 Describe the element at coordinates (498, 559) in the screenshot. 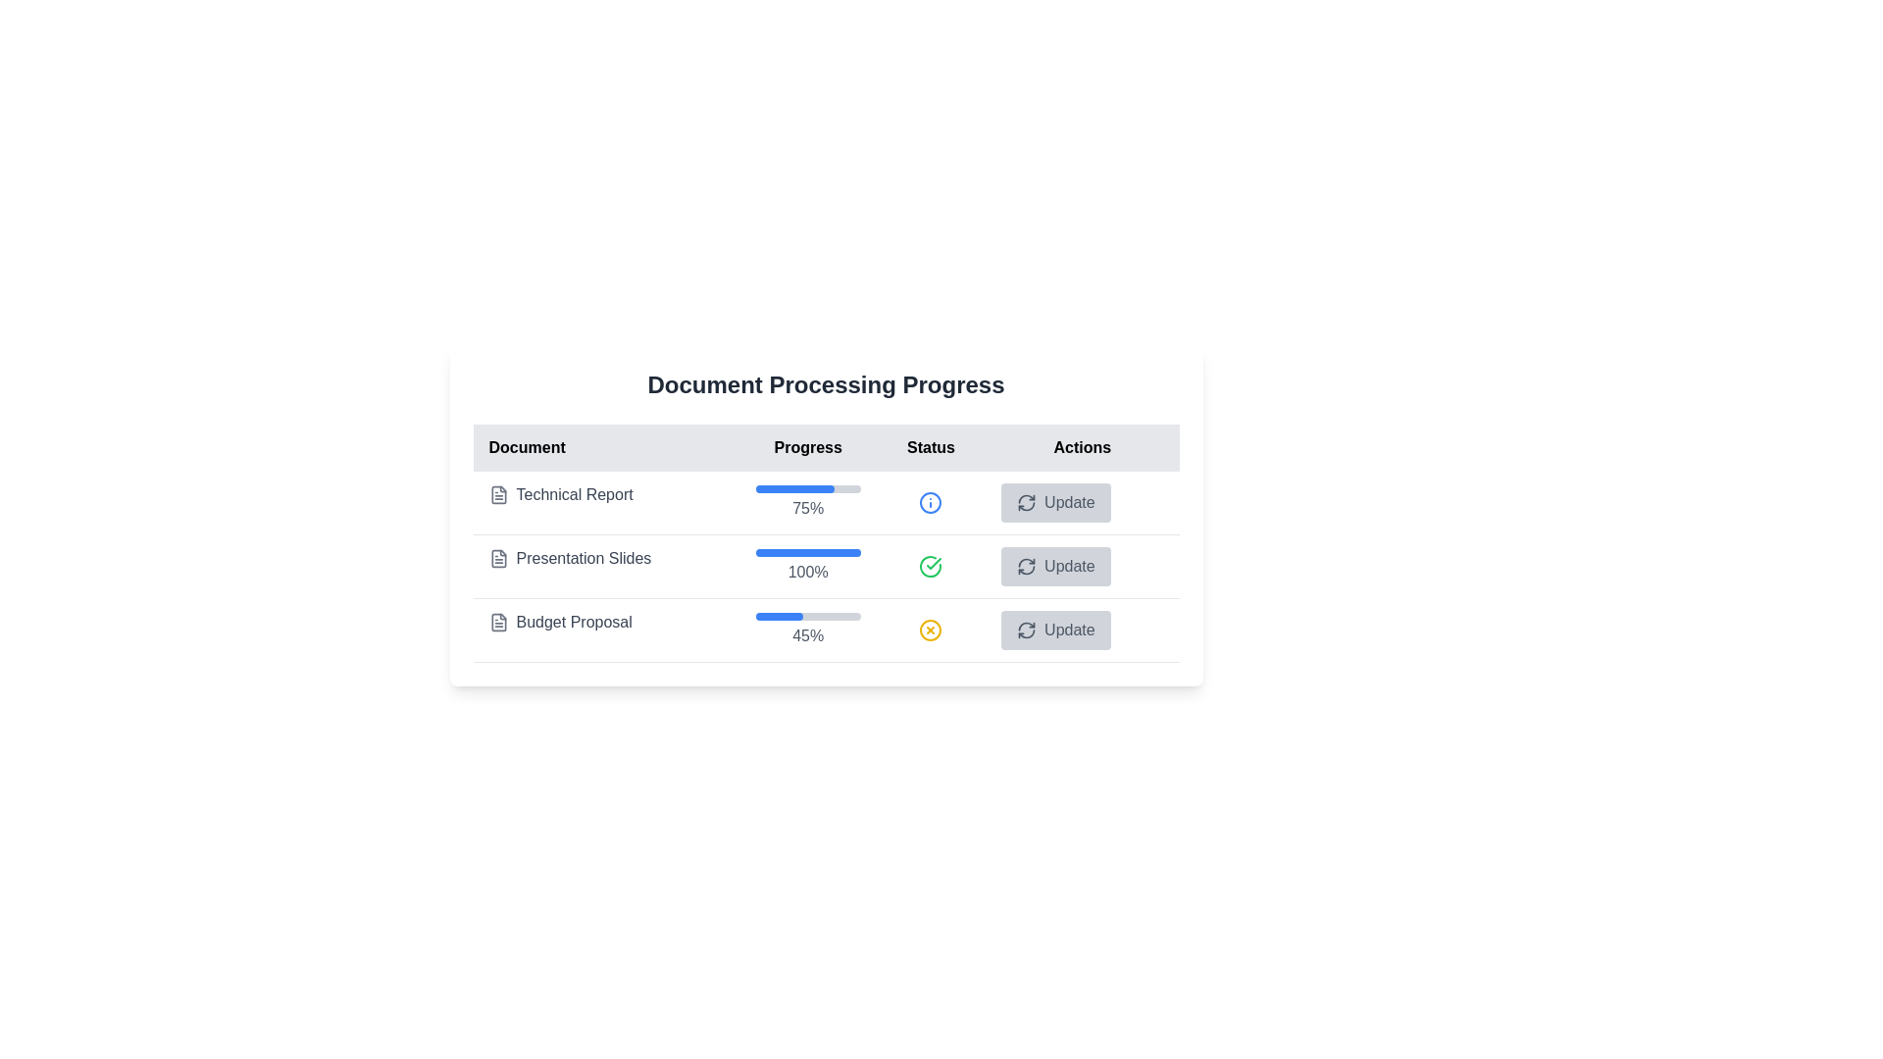

I see `the small gray document icon located to the left of the 'Presentation Slides' text` at that location.